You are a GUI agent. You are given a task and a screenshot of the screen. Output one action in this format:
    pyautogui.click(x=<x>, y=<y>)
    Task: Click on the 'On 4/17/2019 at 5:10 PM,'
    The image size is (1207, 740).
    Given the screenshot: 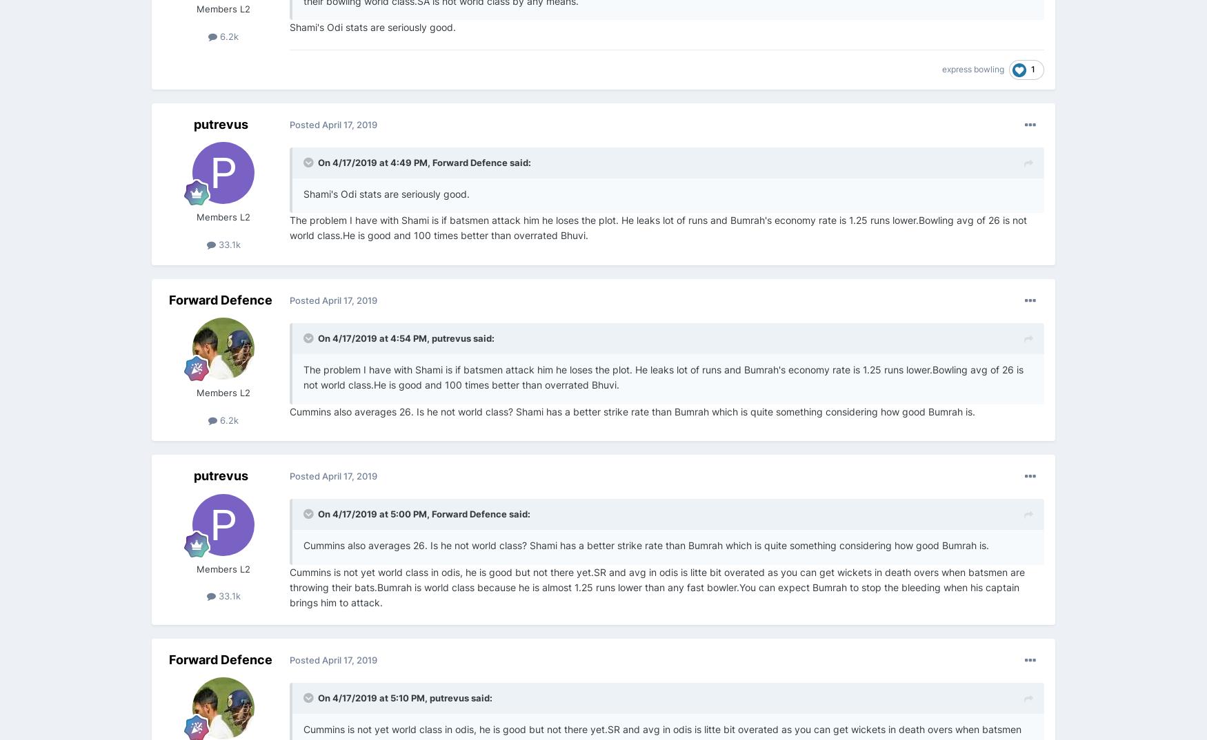 What is the action you would take?
    pyautogui.click(x=372, y=697)
    